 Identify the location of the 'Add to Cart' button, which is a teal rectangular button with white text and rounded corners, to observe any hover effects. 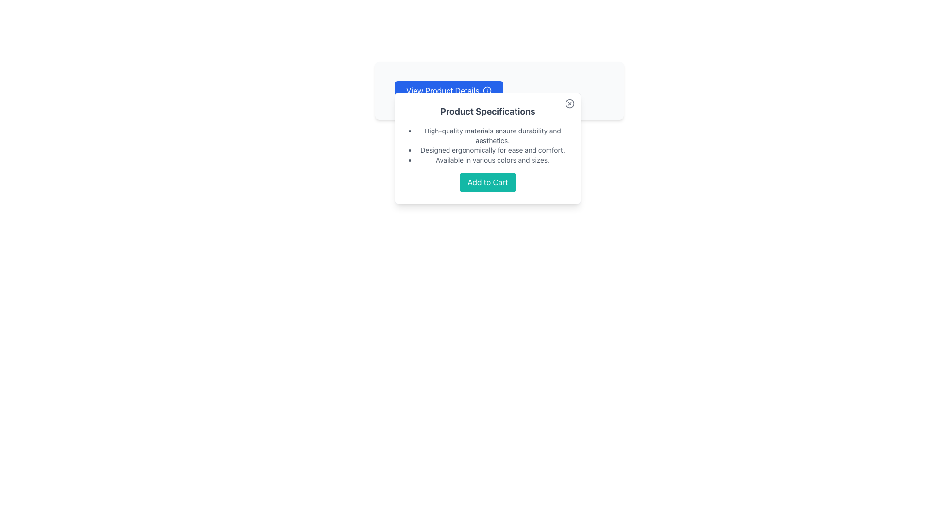
(487, 182).